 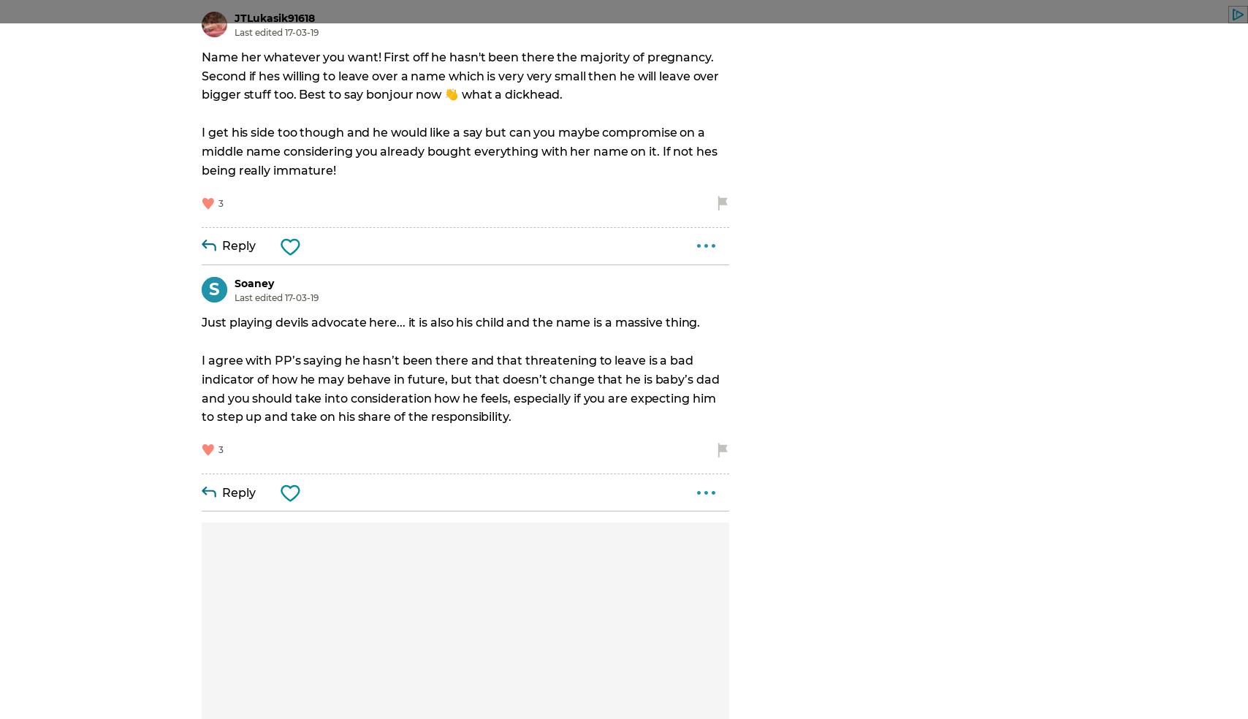 What do you see at coordinates (234, 17) in the screenshot?
I see `'JTLukasik91618'` at bounding box center [234, 17].